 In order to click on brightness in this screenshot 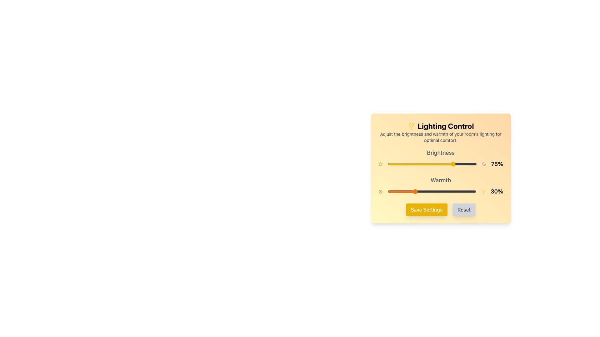, I will do `click(429, 164)`.